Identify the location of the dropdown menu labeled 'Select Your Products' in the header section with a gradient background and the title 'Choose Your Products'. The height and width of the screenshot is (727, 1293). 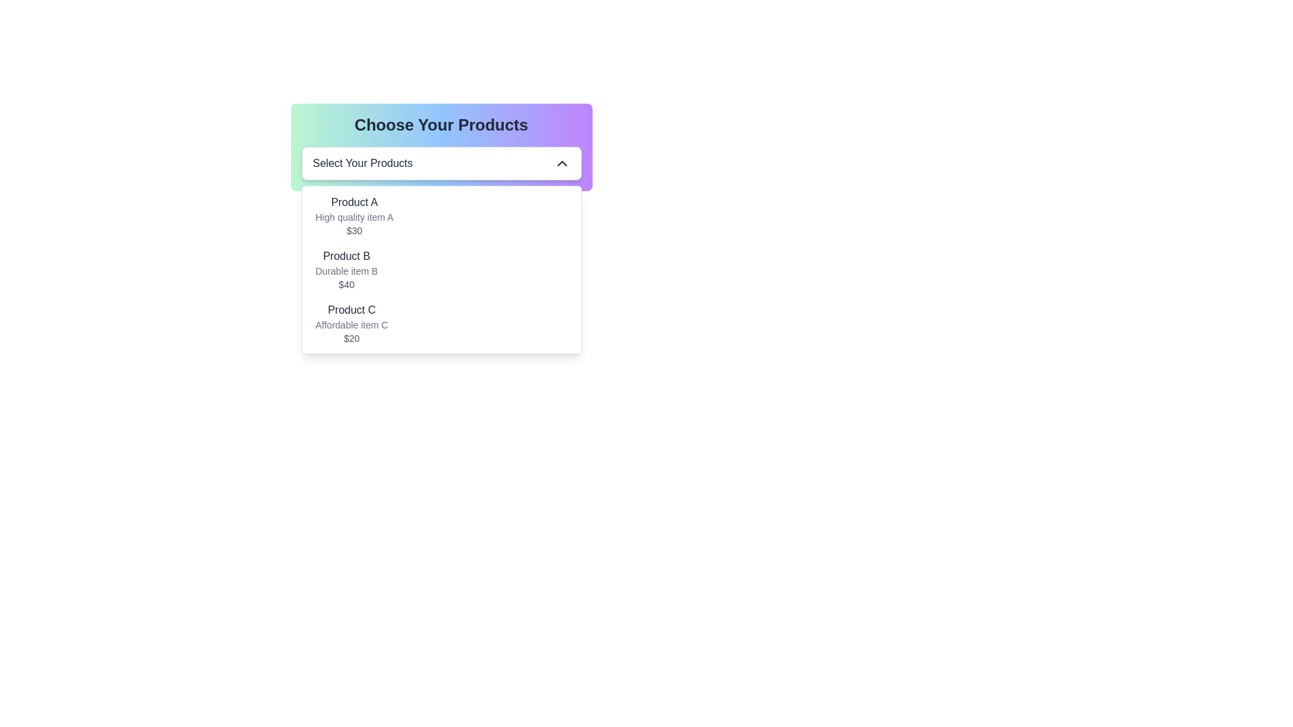
(441, 147).